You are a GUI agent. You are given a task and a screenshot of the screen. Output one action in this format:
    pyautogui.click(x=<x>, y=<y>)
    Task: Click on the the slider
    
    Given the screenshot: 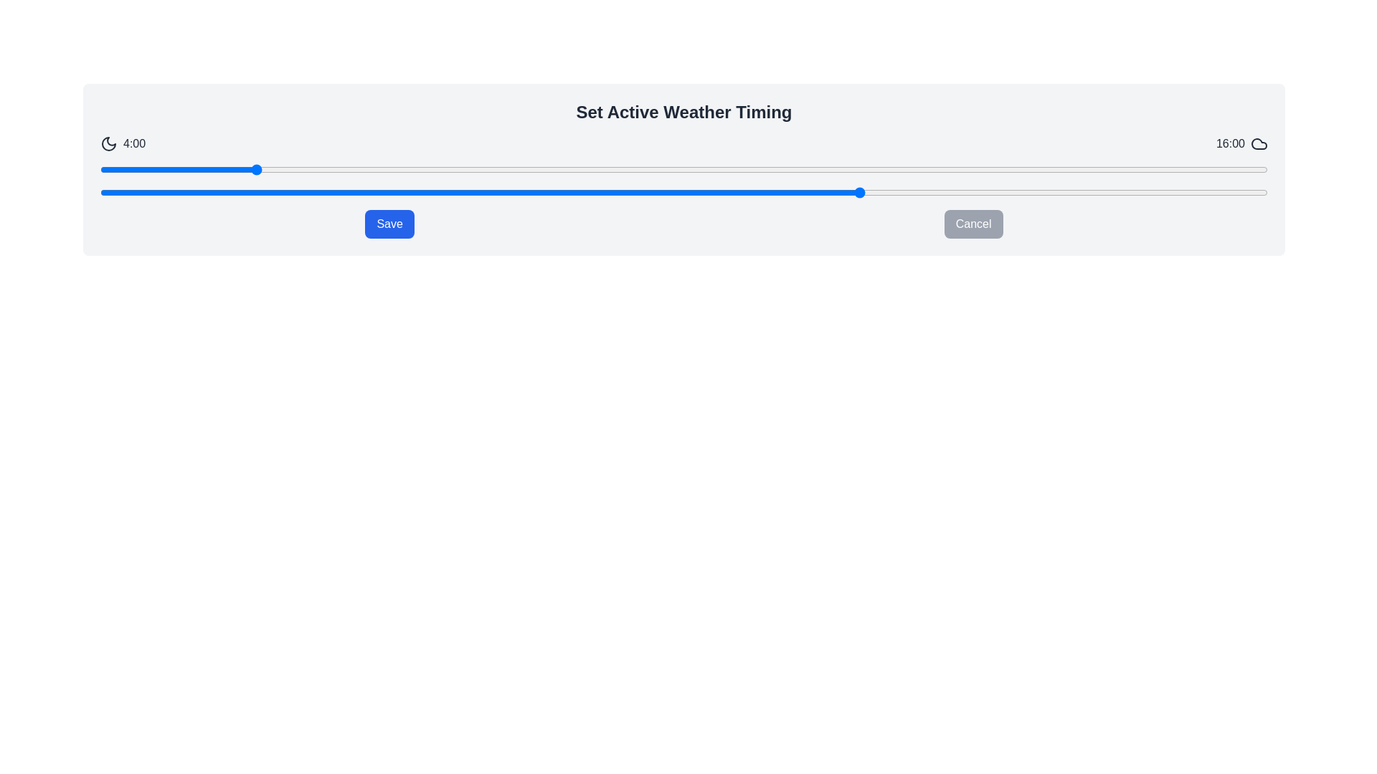 What is the action you would take?
    pyautogui.click(x=1064, y=192)
    